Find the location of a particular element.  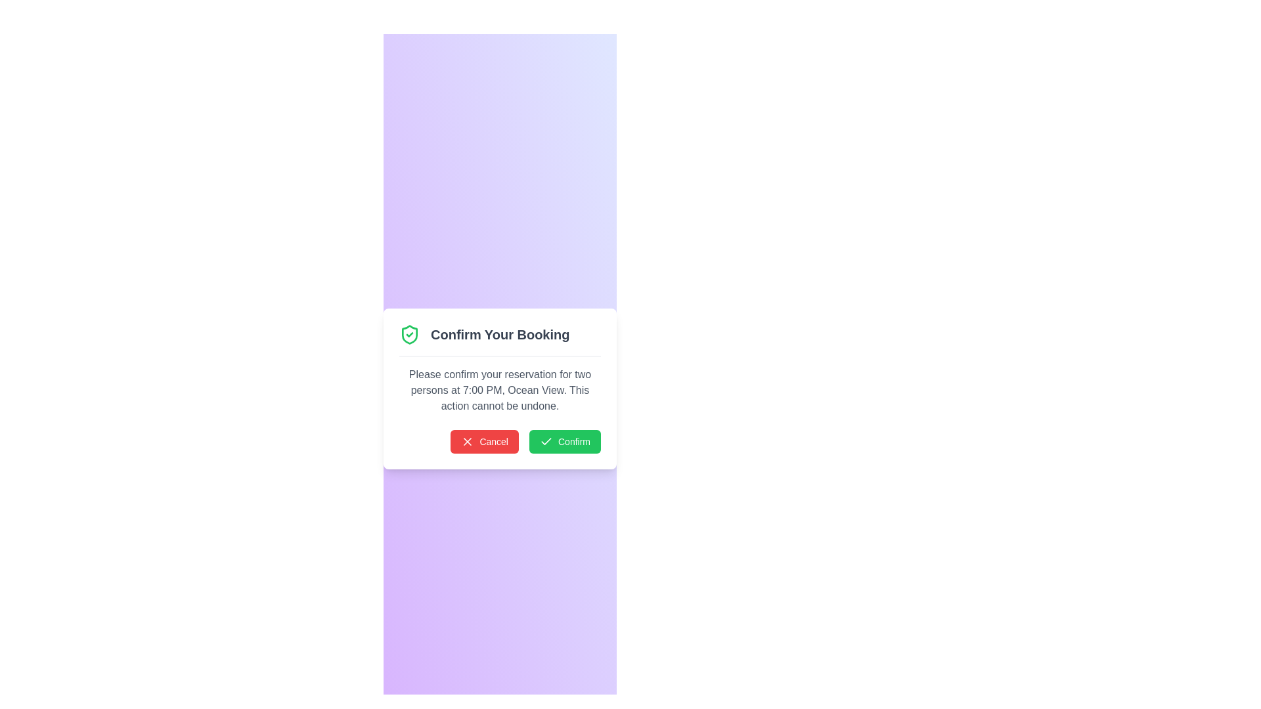

the checkmark icon within the 'Confirm' button in the confirmation dialog box, which indicates confirmation or approval is located at coordinates (546, 441).